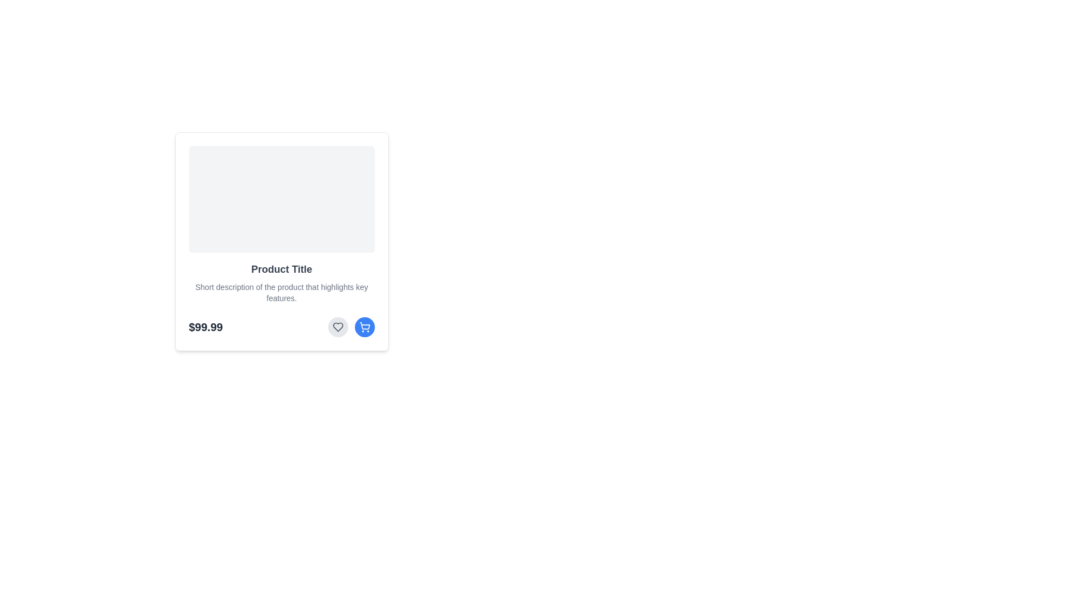 This screenshot has height=600, width=1068. I want to click on the dual-button group containing the gray heart icon and the blue shopping cart icon, so click(350, 327).